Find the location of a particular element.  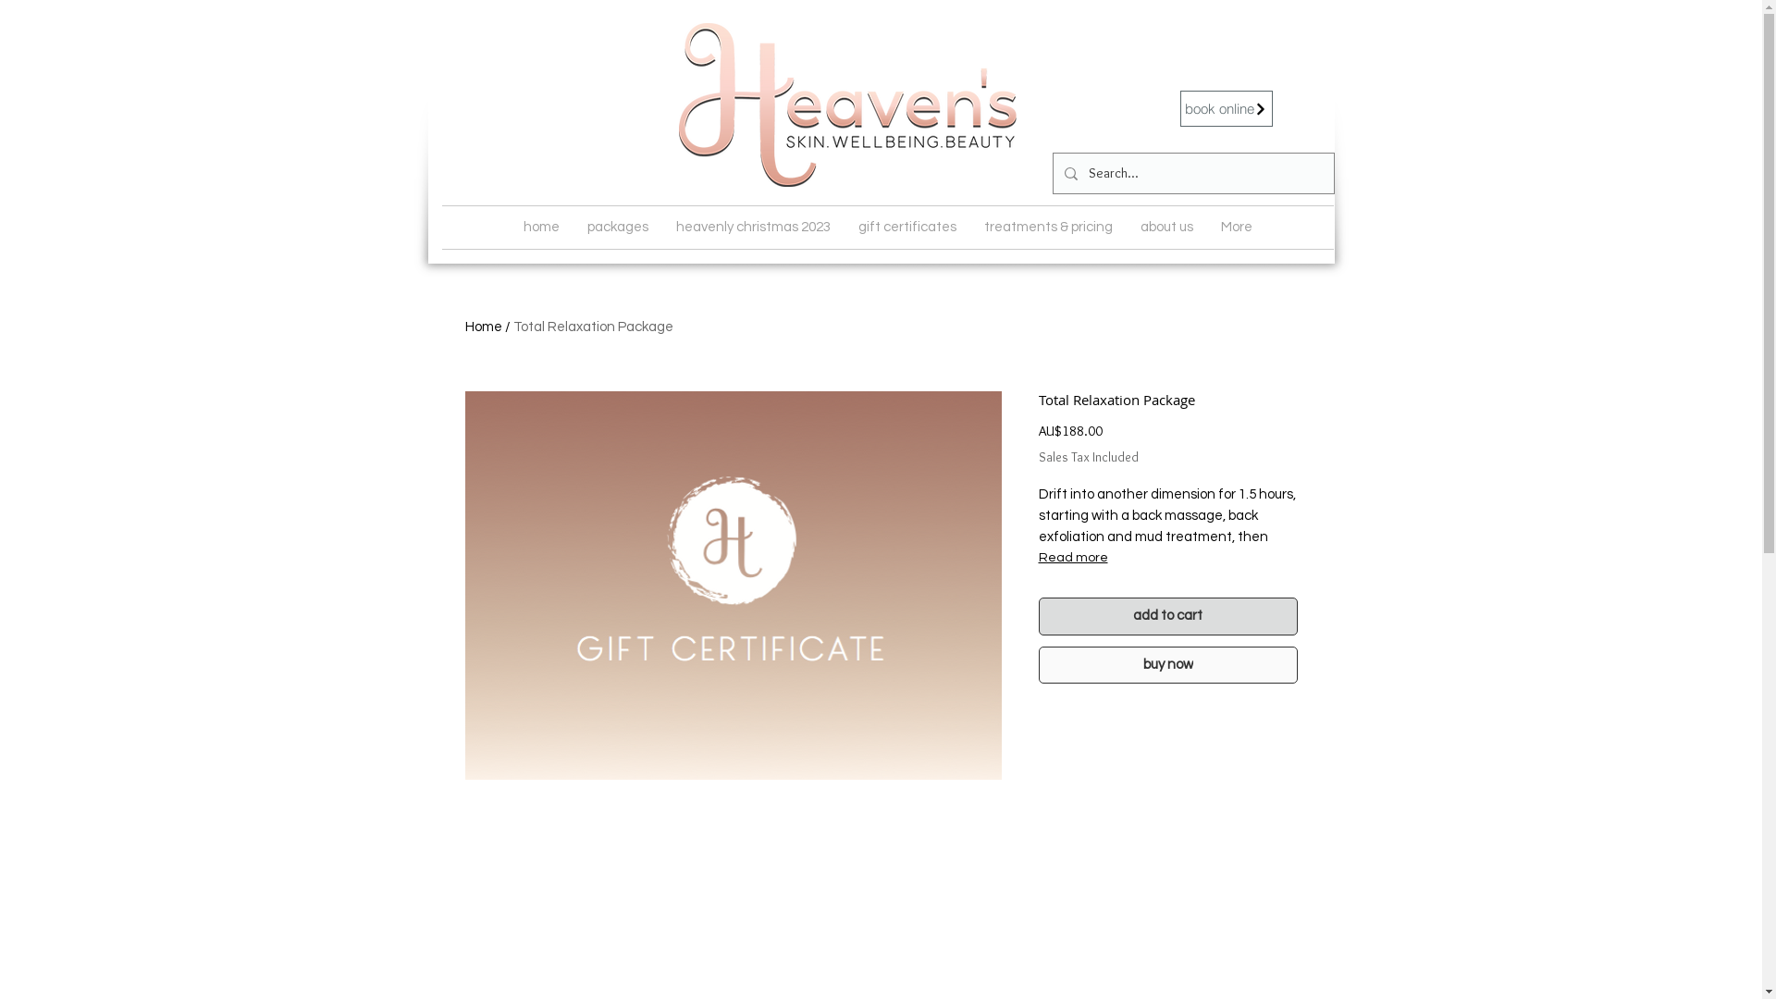

'add to cart' is located at coordinates (1038, 616).